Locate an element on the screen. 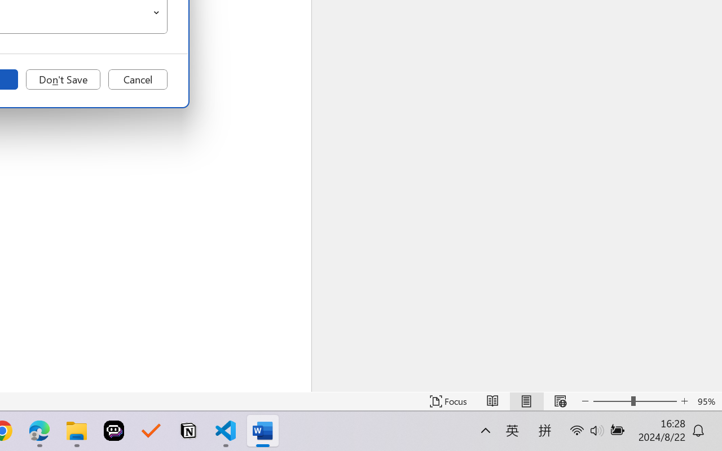 The height and width of the screenshot is (451, 722). 'Poe' is located at coordinates (114, 431).